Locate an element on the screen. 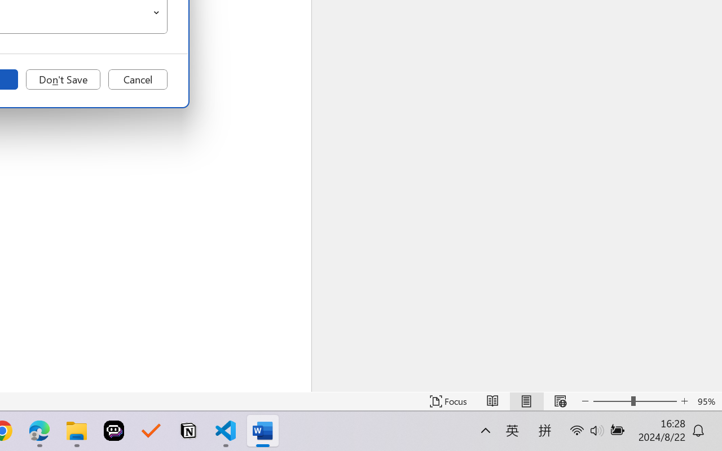 The height and width of the screenshot is (451, 722). 'Poe' is located at coordinates (114, 431).